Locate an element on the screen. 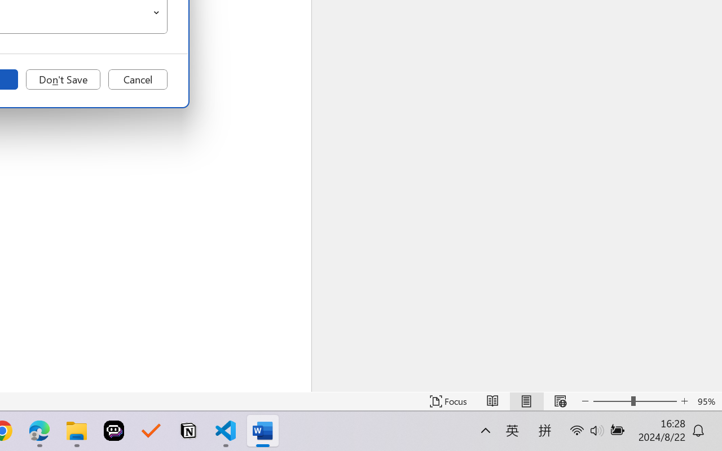 The height and width of the screenshot is (451, 722). 'Poe' is located at coordinates (114, 431).